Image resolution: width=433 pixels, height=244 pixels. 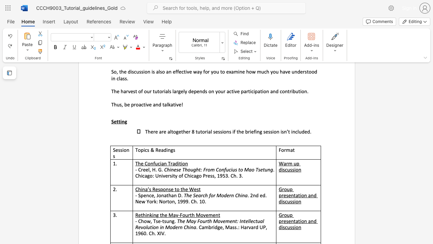 I want to click on the subset text "ngs" within the text "Topics & Readings", so click(x=167, y=149).